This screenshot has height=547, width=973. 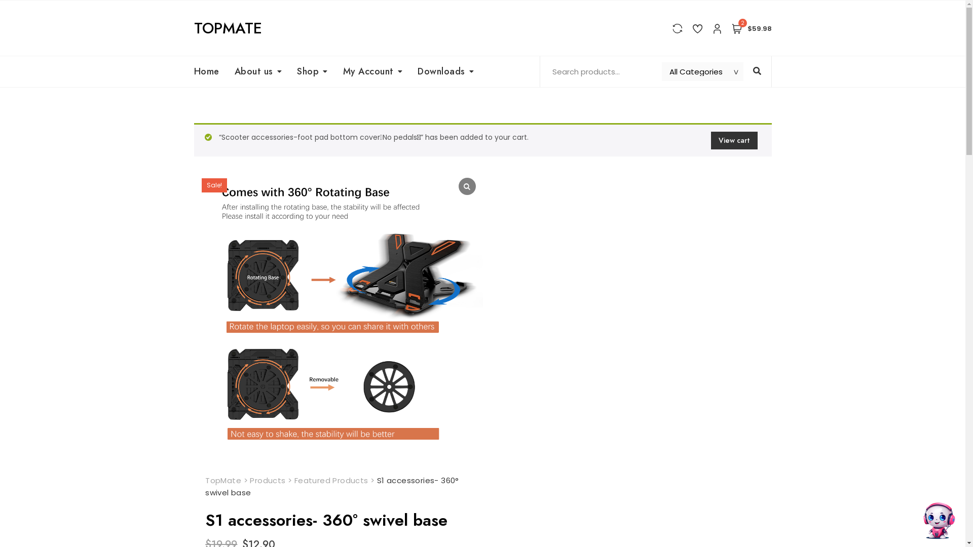 What do you see at coordinates (312, 71) in the screenshot?
I see `'Shop'` at bounding box center [312, 71].